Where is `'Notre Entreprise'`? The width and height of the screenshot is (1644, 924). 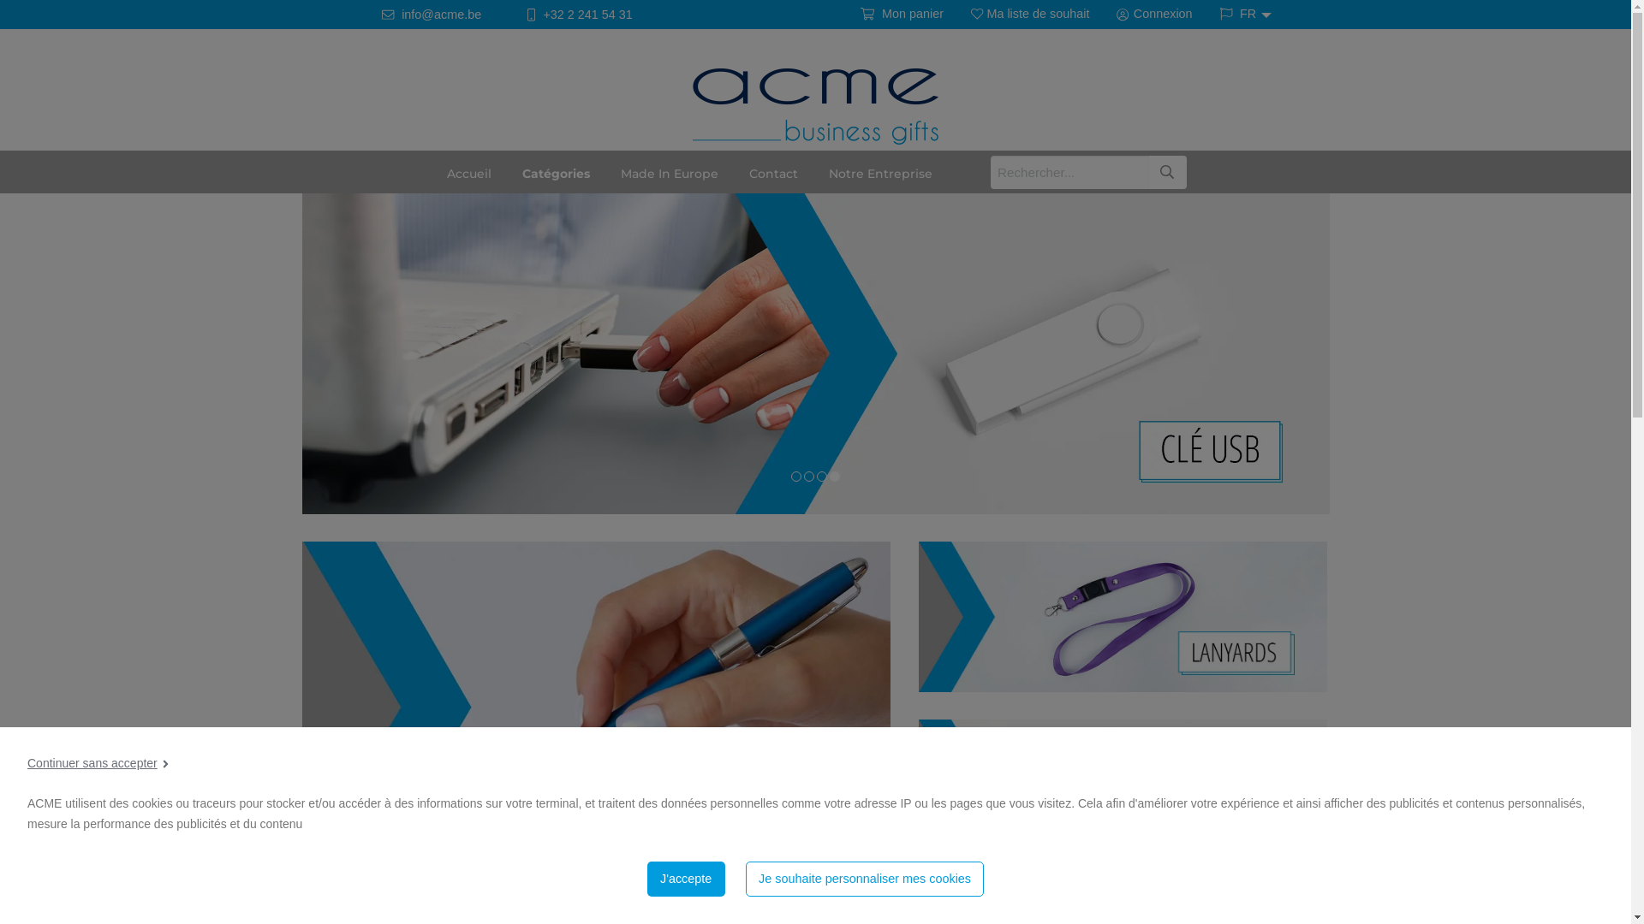
'Notre Entreprise' is located at coordinates (880, 171).